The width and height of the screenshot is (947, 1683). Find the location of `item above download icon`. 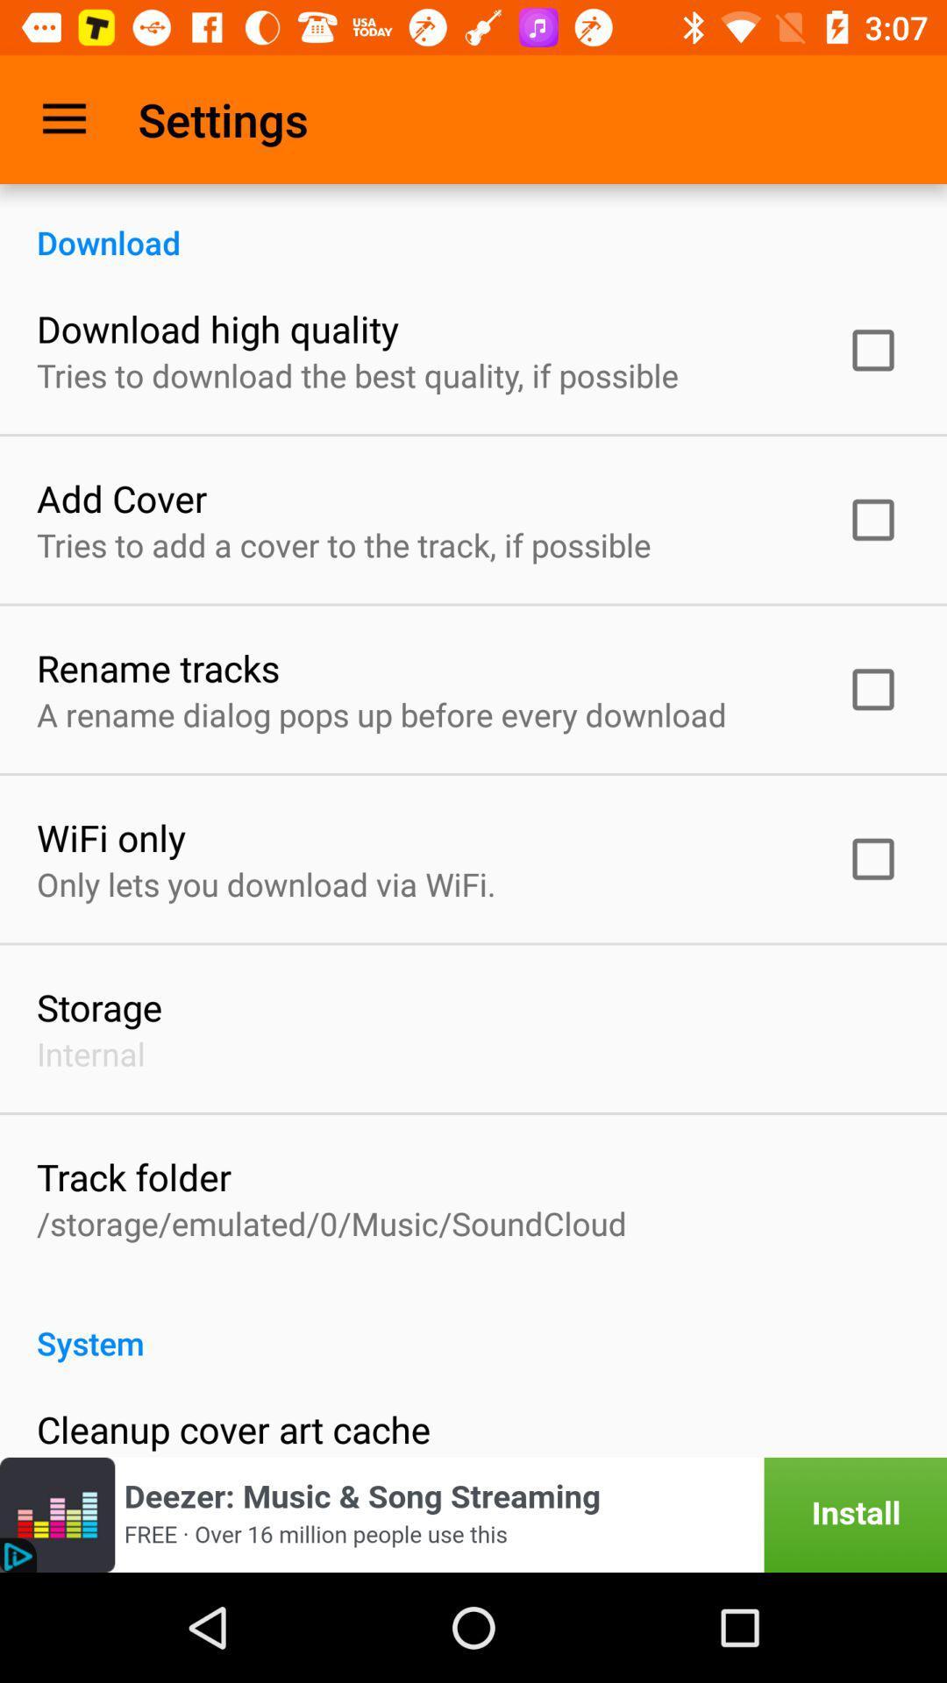

item above download icon is located at coordinates (63, 118).